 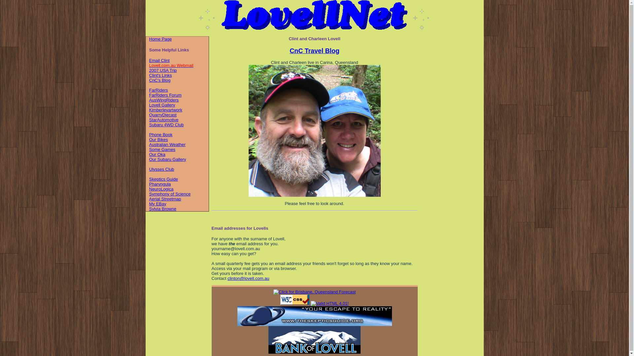 What do you see at coordinates (157, 154) in the screenshot?
I see `'Our Oka'` at bounding box center [157, 154].